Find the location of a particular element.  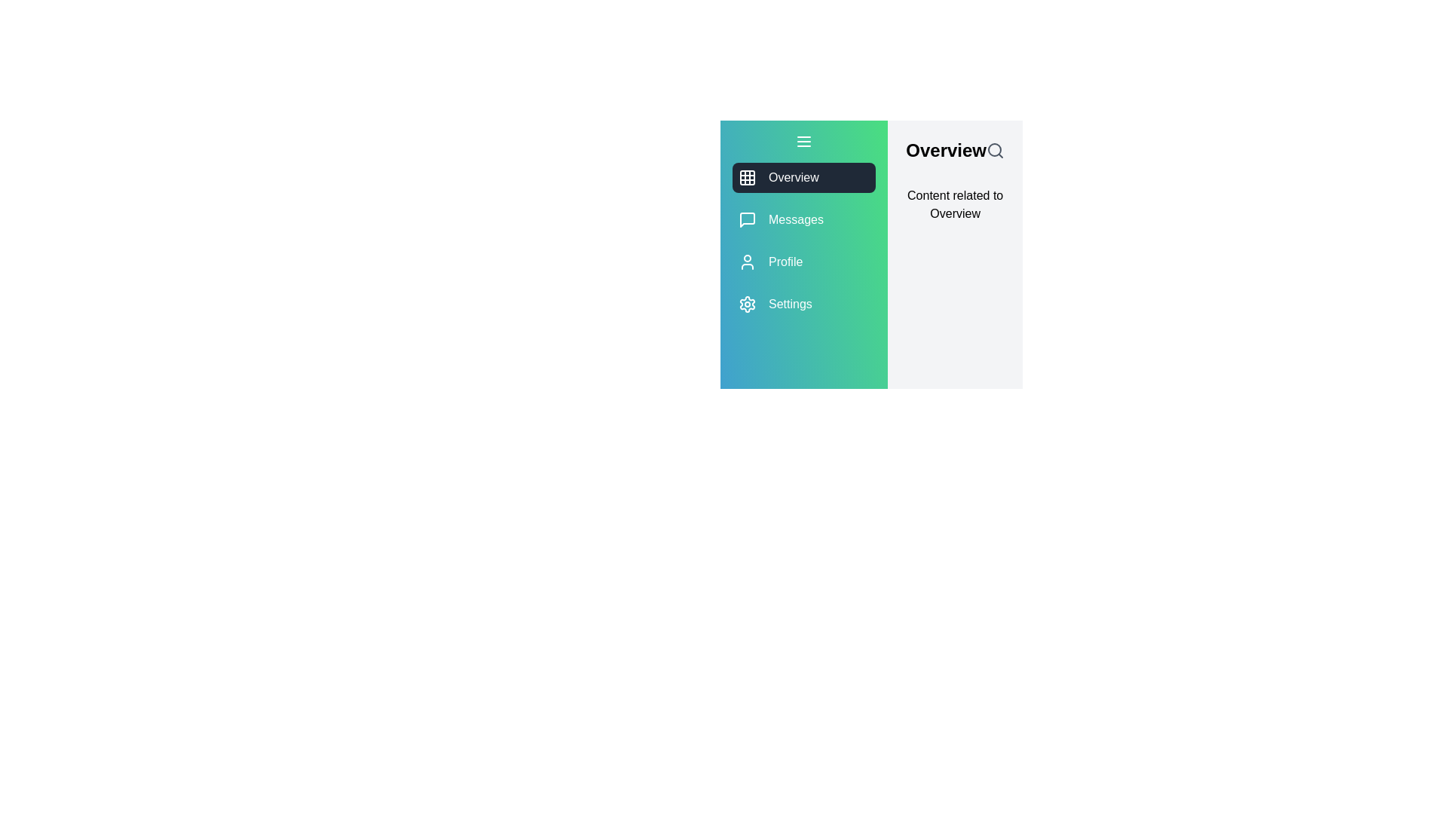

the module Overview from the side menu is located at coordinates (803, 176).